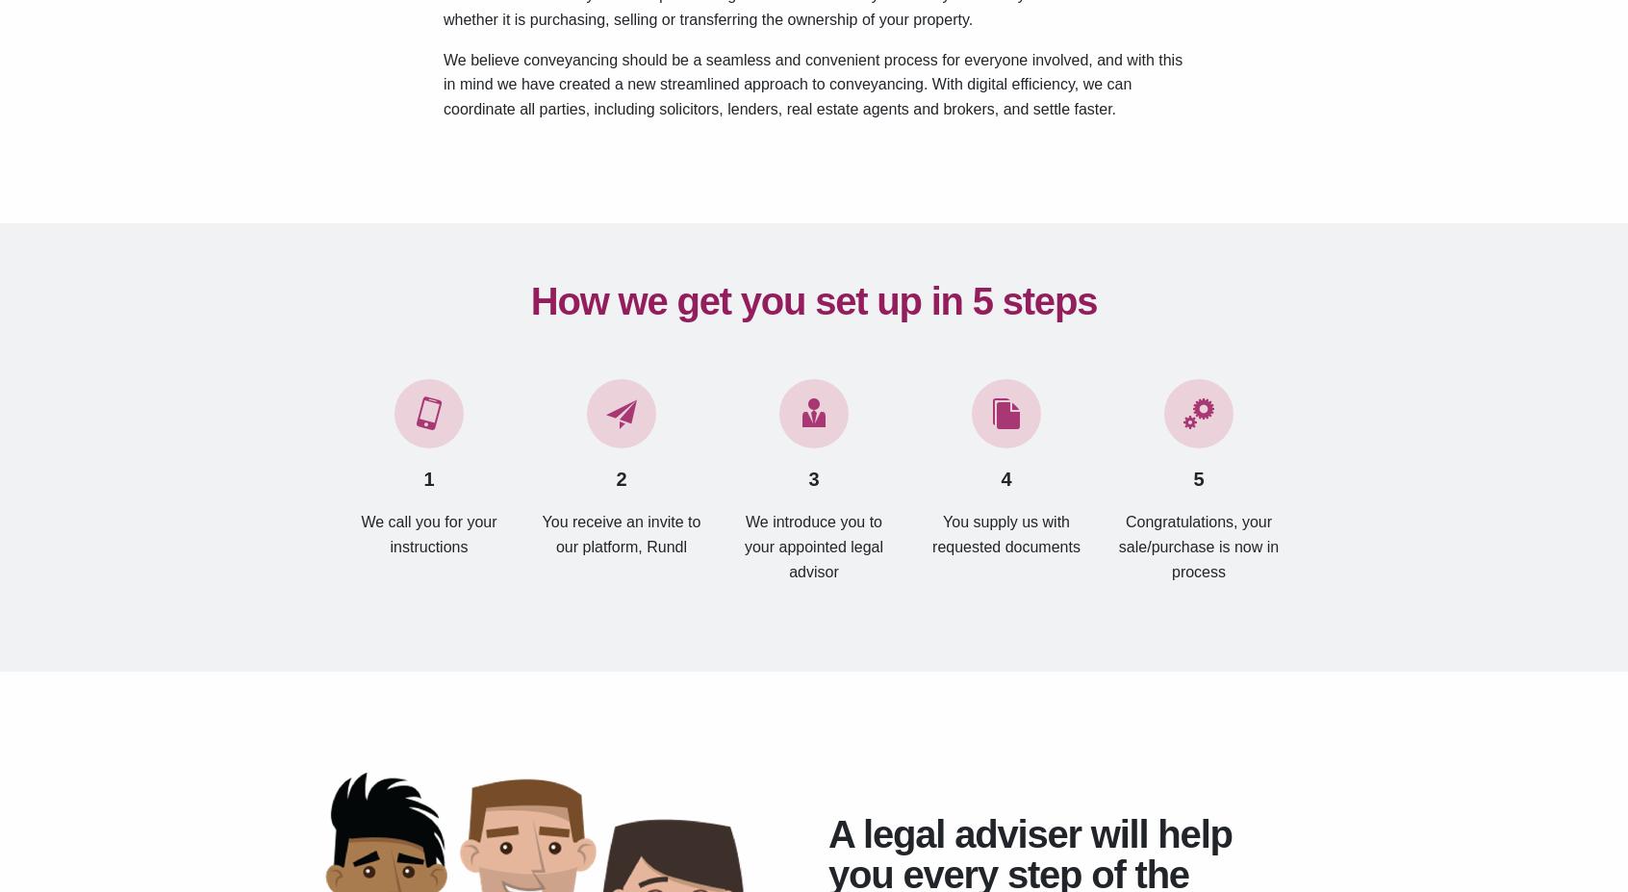  What do you see at coordinates (427, 478) in the screenshot?
I see `'1'` at bounding box center [427, 478].